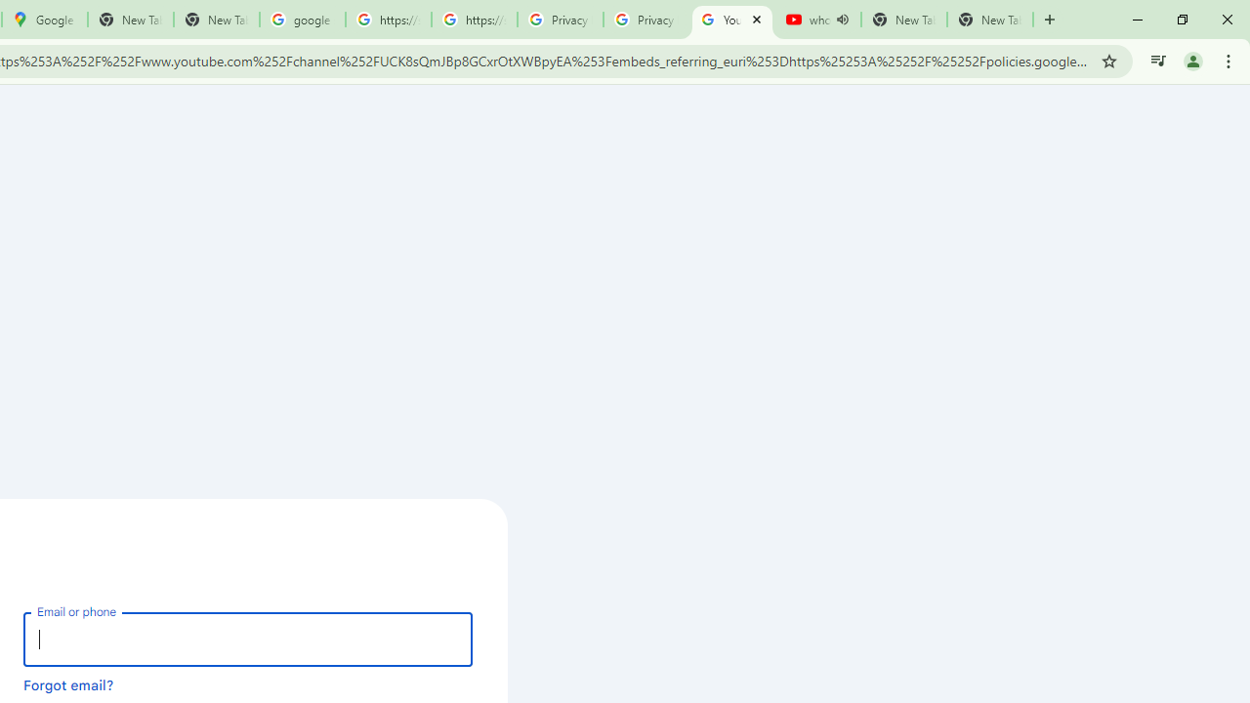 The image size is (1250, 703). I want to click on 'https://scholar.google.com/', so click(389, 20).